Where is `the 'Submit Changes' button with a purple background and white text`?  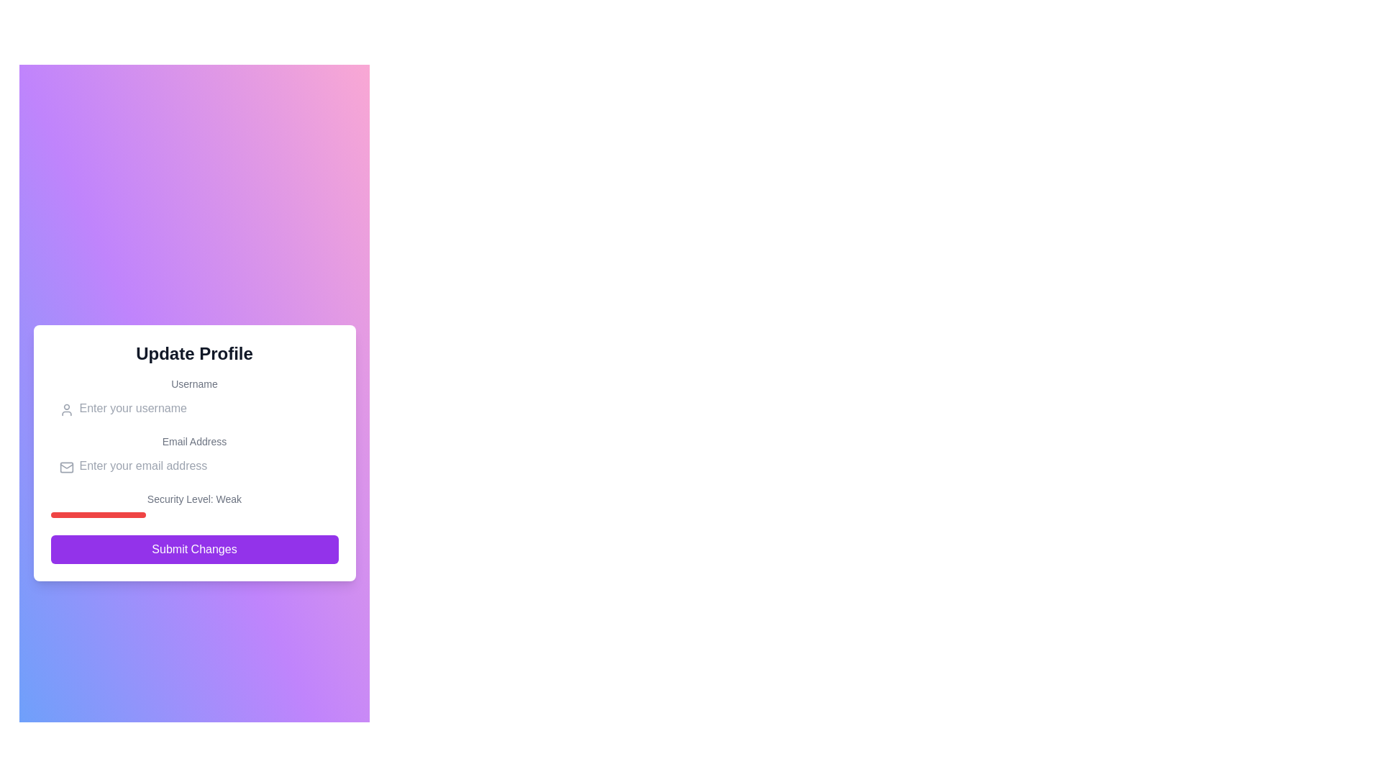
the 'Submit Changes' button with a purple background and white text is located at coordinates (193, 549).